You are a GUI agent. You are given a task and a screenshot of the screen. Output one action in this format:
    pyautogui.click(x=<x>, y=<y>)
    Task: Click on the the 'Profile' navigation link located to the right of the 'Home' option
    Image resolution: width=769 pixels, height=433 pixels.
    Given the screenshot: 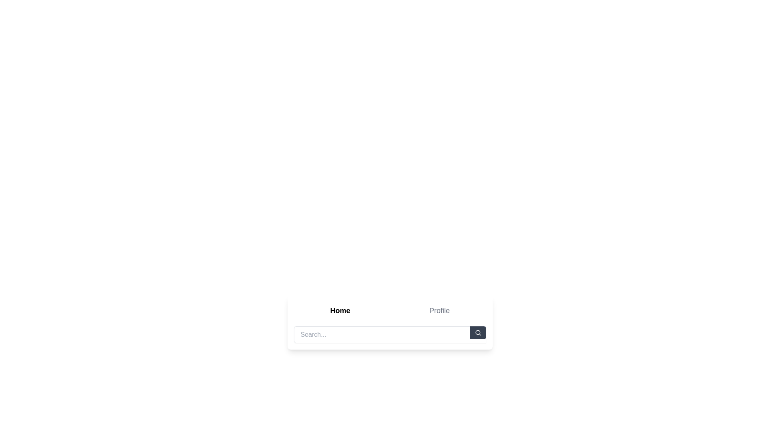 What is the action you would take?
    pyautogui.click(x=439, y=310)
    